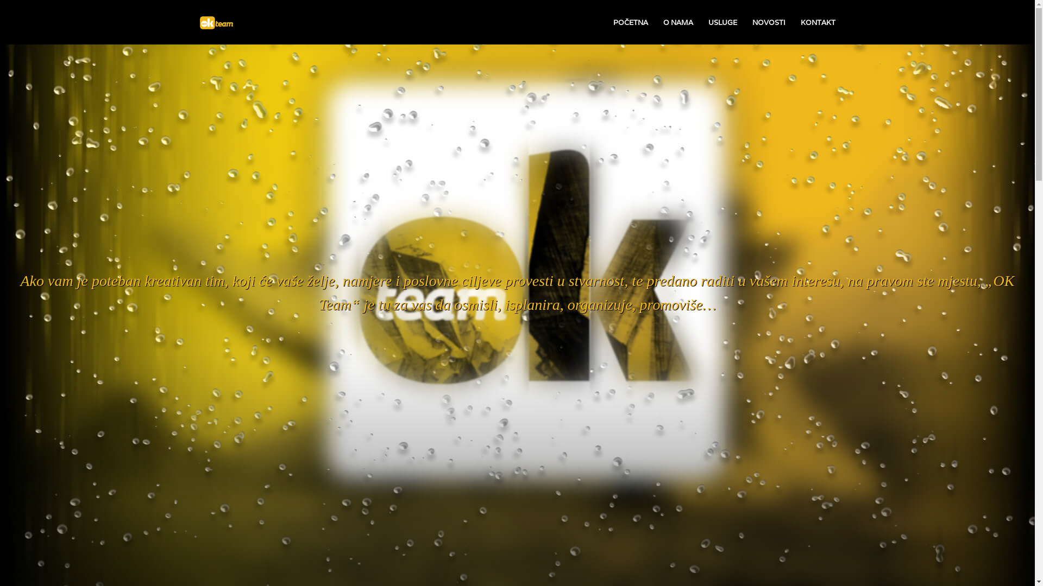  I want to click on 'KONTAKT', so click(818, 22).